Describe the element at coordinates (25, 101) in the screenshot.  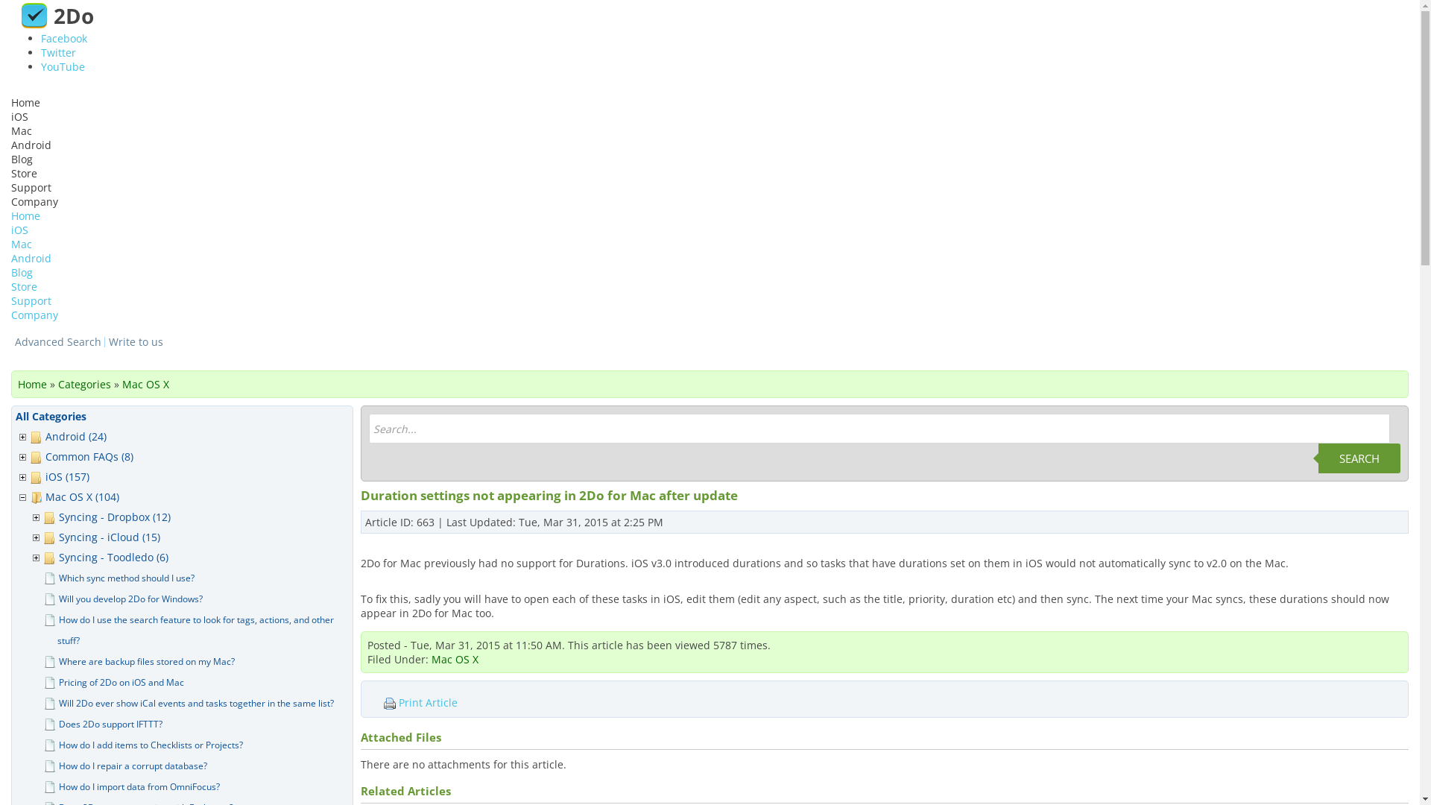
I see `'Home'` at that location.